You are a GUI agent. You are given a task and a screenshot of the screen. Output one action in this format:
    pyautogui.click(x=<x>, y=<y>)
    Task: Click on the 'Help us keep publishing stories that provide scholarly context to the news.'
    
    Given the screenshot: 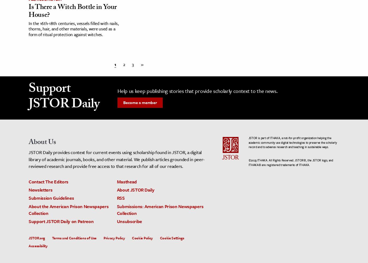 What is the action you would take?
    pyautogui.click(x=117, y=91)
    